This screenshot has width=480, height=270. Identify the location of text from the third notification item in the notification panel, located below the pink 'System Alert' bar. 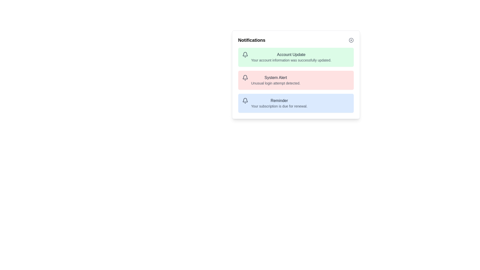
(279, 103).